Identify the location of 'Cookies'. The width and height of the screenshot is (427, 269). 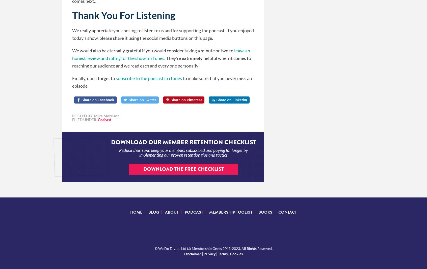
(236, 253).